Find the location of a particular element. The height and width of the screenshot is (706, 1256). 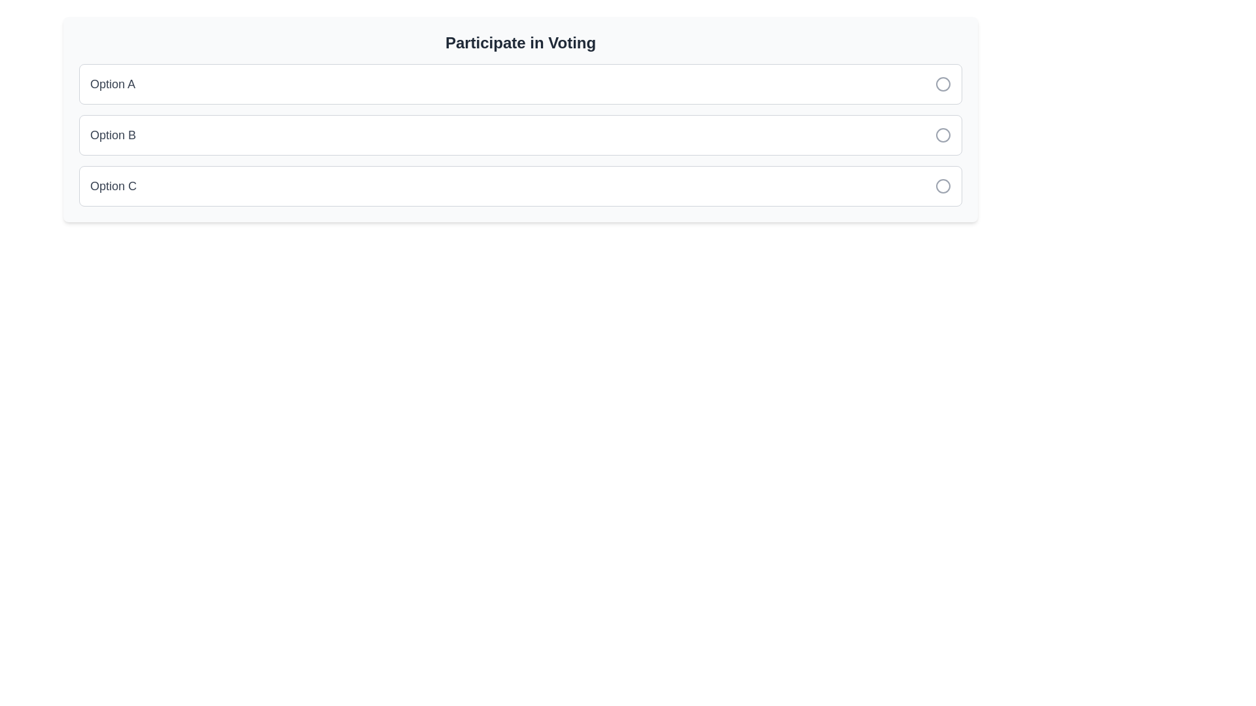

the circular option indicator for 'Option B' in the voting mechanism within the SVG component is located at coordinates (943, 135).